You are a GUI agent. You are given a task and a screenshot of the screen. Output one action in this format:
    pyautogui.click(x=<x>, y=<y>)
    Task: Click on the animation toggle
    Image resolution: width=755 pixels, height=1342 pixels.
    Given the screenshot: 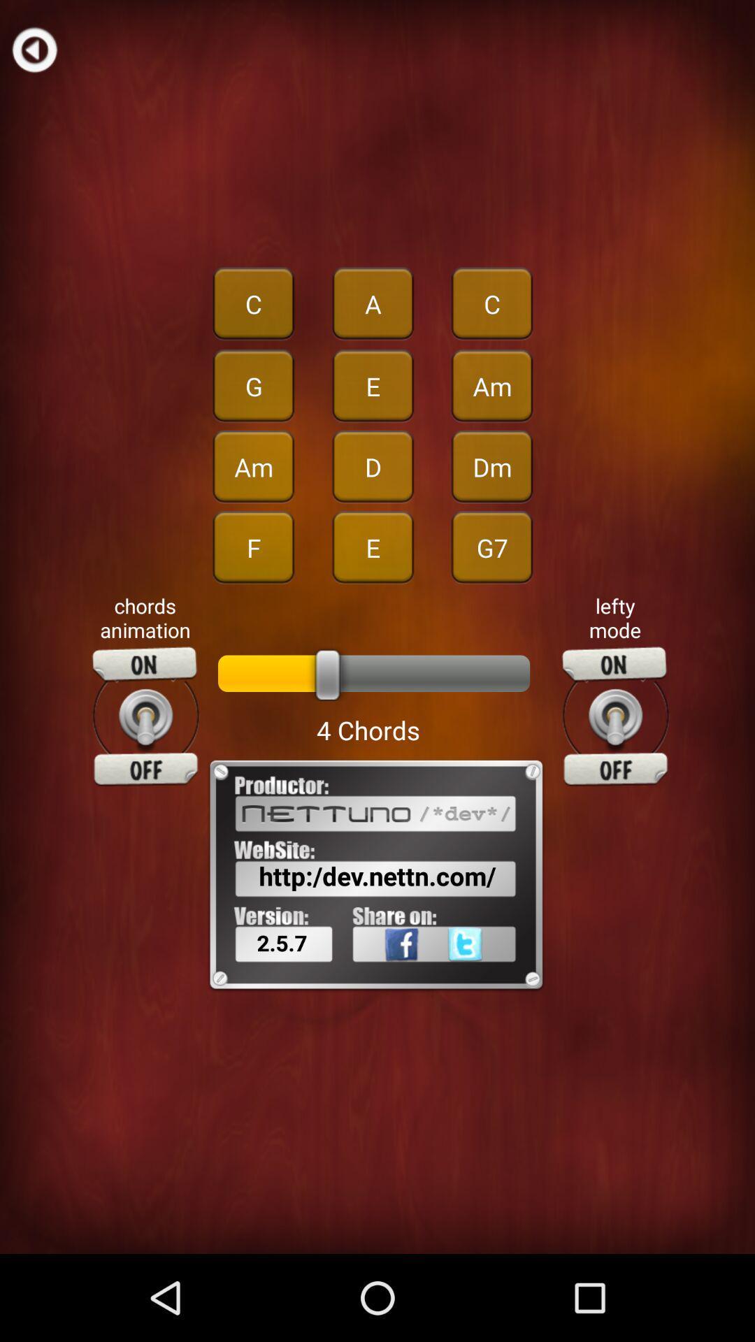 What is the action you would take?
    pyautogui.click(x=145, y=716)
    